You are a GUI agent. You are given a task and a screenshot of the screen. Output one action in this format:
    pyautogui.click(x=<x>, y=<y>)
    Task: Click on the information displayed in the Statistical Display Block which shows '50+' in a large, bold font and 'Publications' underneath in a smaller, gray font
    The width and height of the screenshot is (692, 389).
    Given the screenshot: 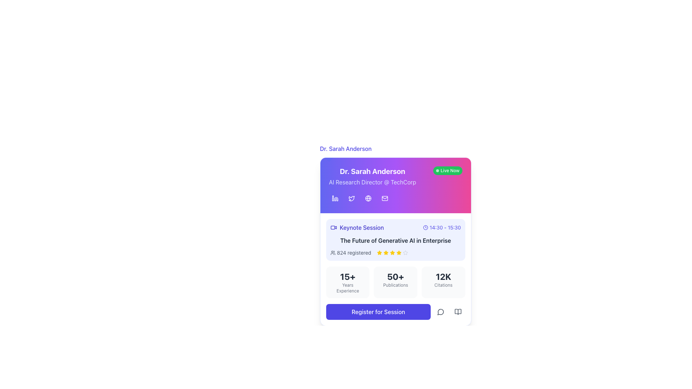 What is the action you would take?
    pyautogui.click(x=395, y=282)
    